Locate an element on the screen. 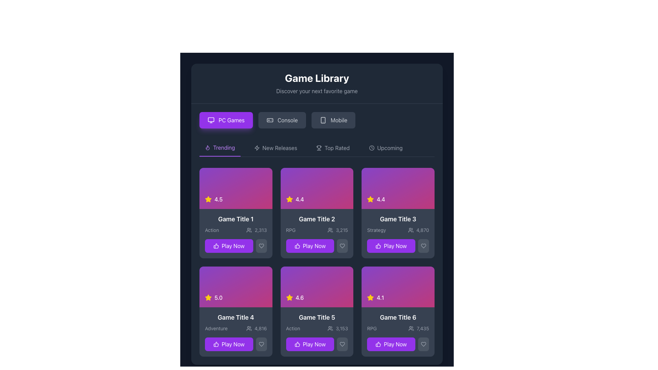  the 'New Releases' button, which is the second button in the horizontal navigation menu is located at coordinates (276, 148).